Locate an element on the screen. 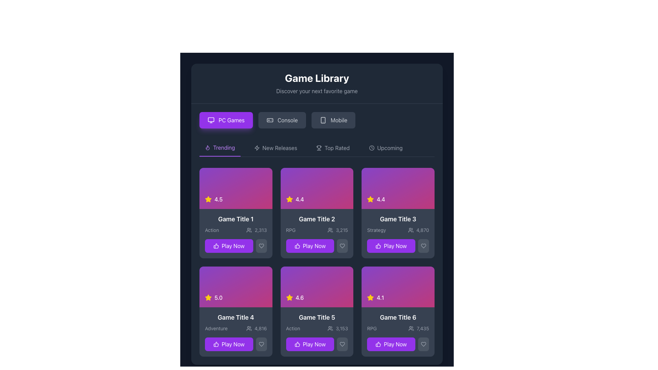  the 'New Releases' button, which is the second button in the horizontal navigation menu is located at coordinates (276, 148).